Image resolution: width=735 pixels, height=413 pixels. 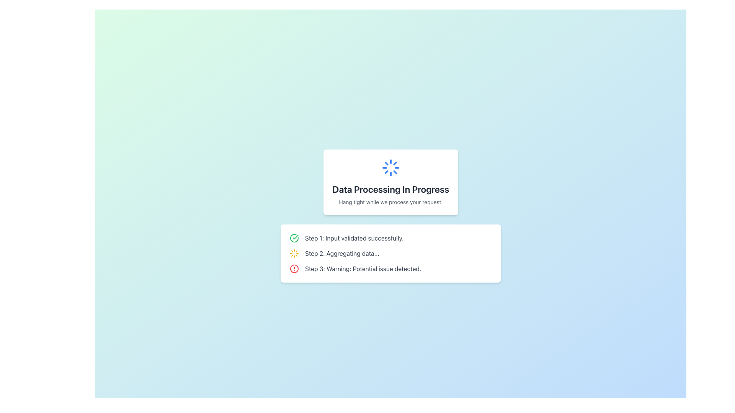 I want to click on the warning icon associated with Step 3 in the step-by-step process by moving the cursor to its location, so click(x=294, y=268).